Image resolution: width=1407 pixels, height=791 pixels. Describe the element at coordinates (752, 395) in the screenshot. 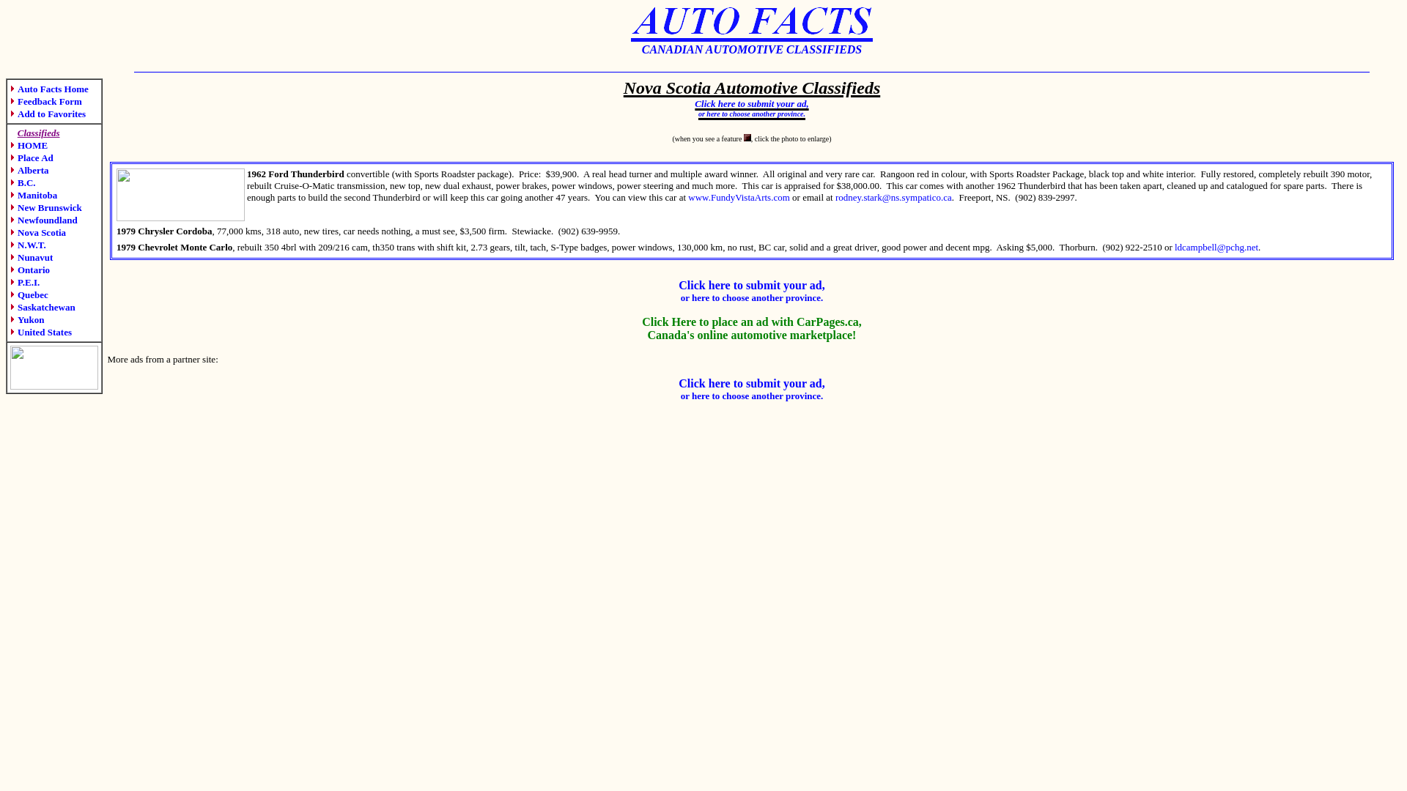

I see `'or here to choose another province.'` at that location.